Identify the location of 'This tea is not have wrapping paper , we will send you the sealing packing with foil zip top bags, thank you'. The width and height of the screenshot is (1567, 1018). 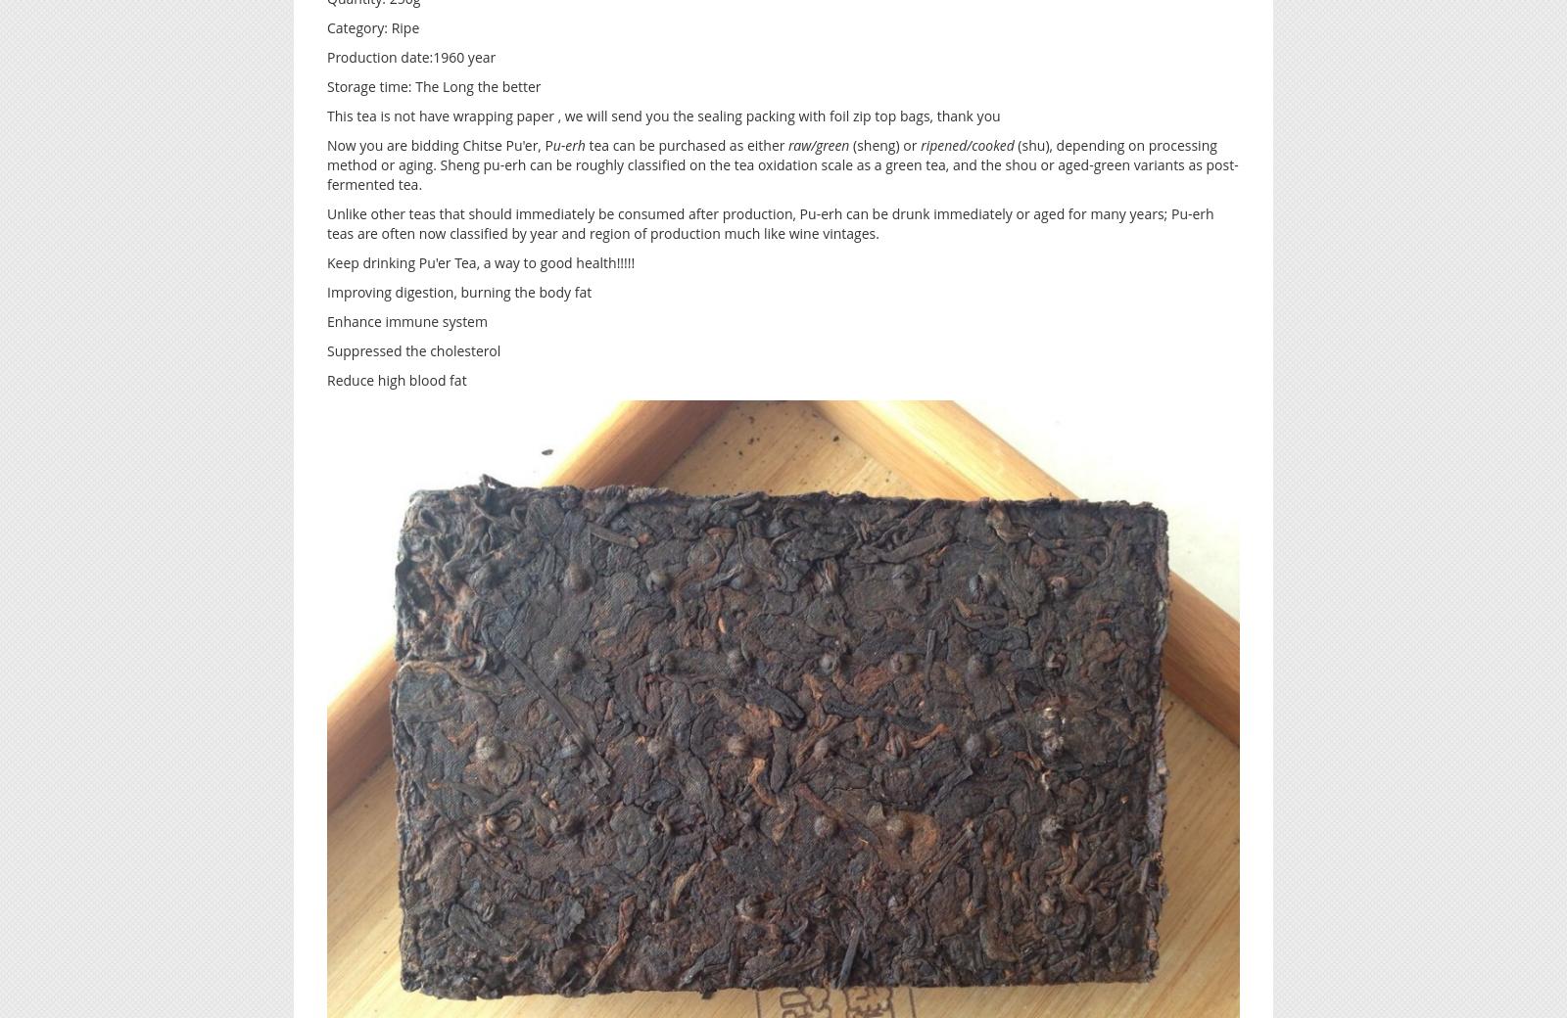
(663, 114).